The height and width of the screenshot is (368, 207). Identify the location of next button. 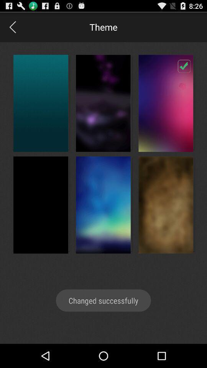
(12, 27).